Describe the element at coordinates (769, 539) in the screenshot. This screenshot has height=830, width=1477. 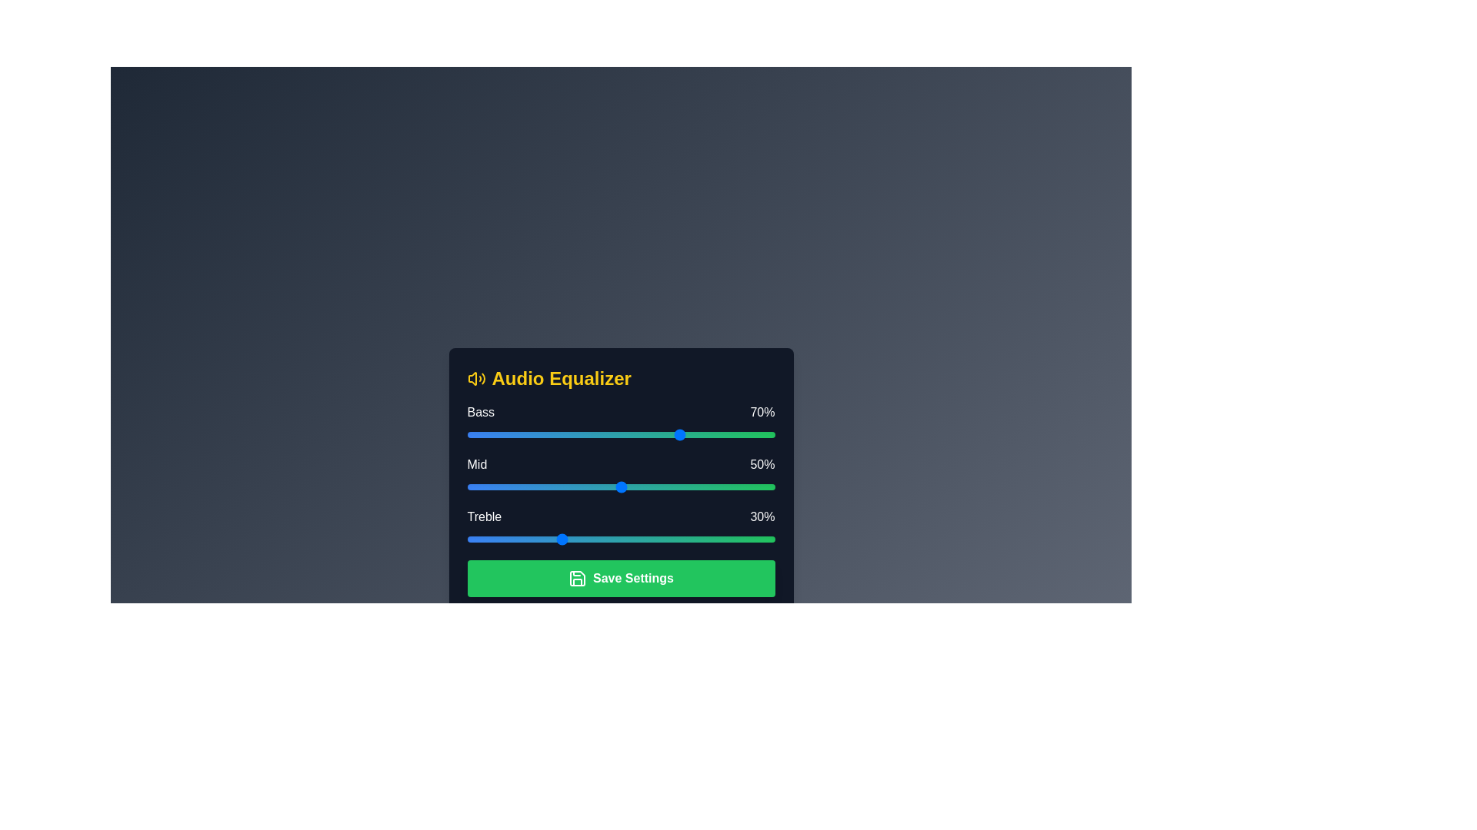
I see `the Treble slider to 98%` at that location.